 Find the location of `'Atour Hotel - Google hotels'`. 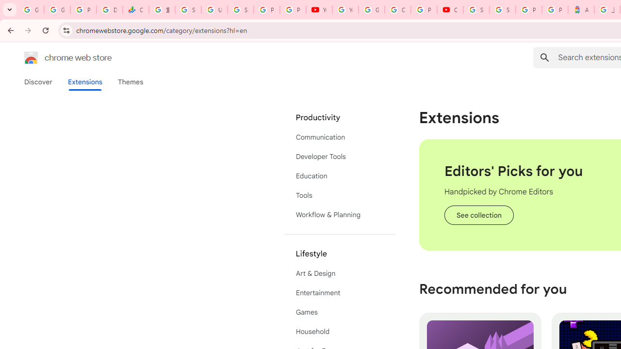

'Atour Hotel - Google hotels' is located at coordinates (581, 10).